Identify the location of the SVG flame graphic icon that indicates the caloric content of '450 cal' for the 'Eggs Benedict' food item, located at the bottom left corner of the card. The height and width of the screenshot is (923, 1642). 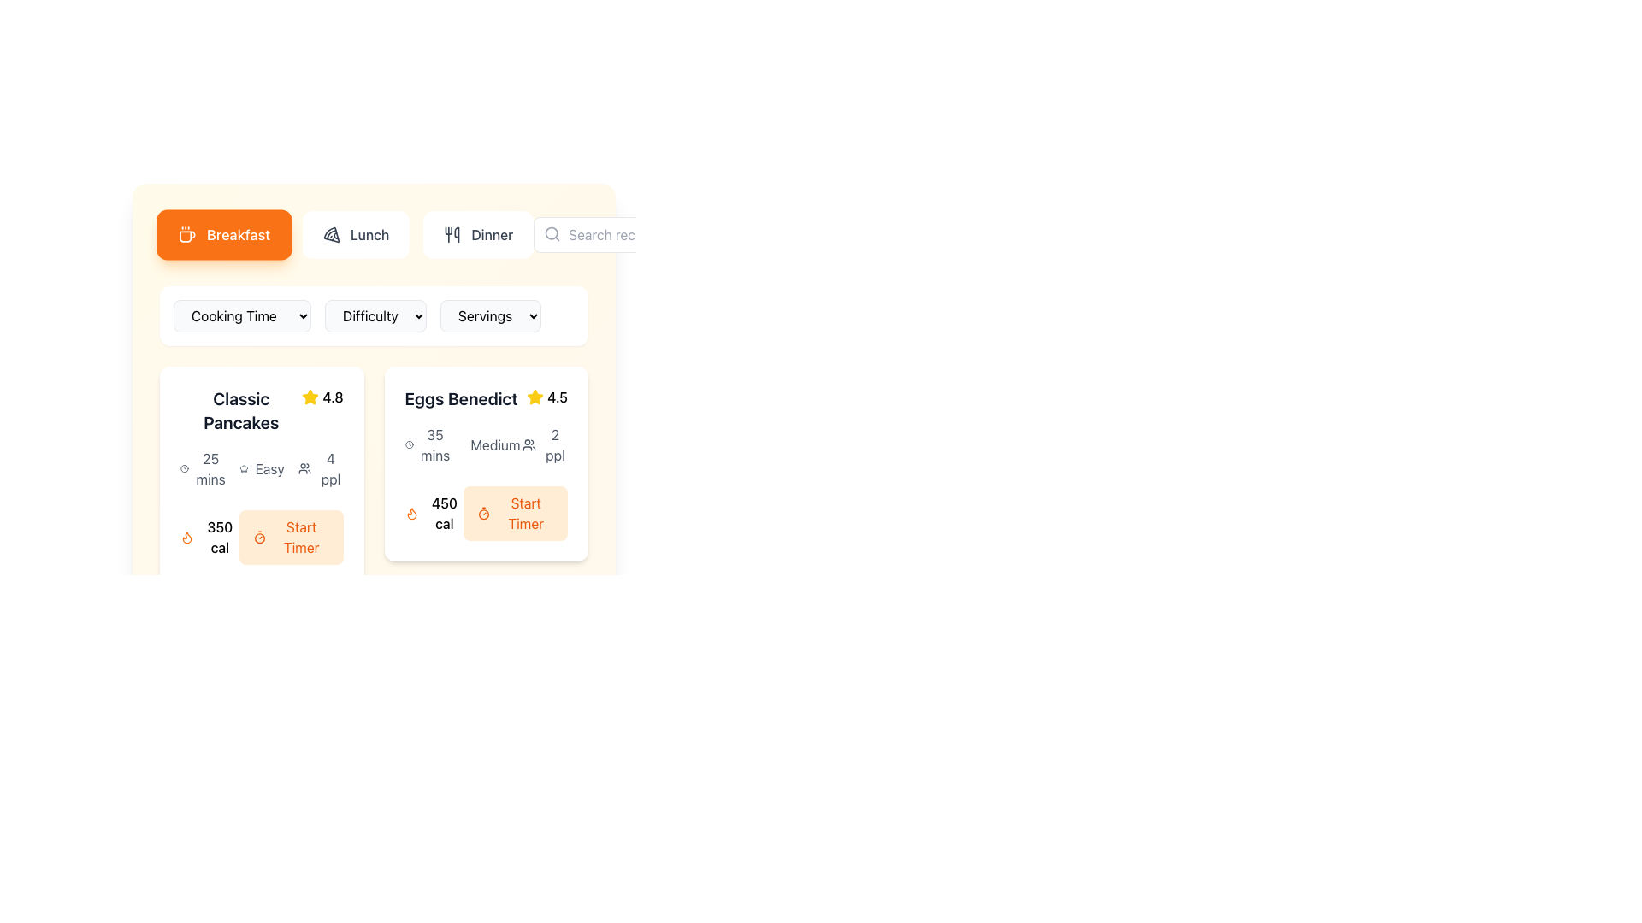
(411, 513).